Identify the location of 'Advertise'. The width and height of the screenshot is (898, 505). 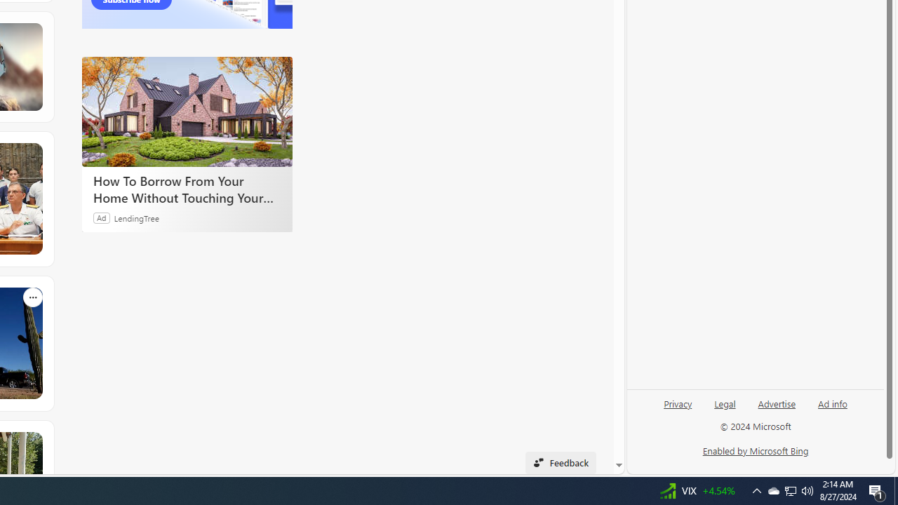
(776, 403).